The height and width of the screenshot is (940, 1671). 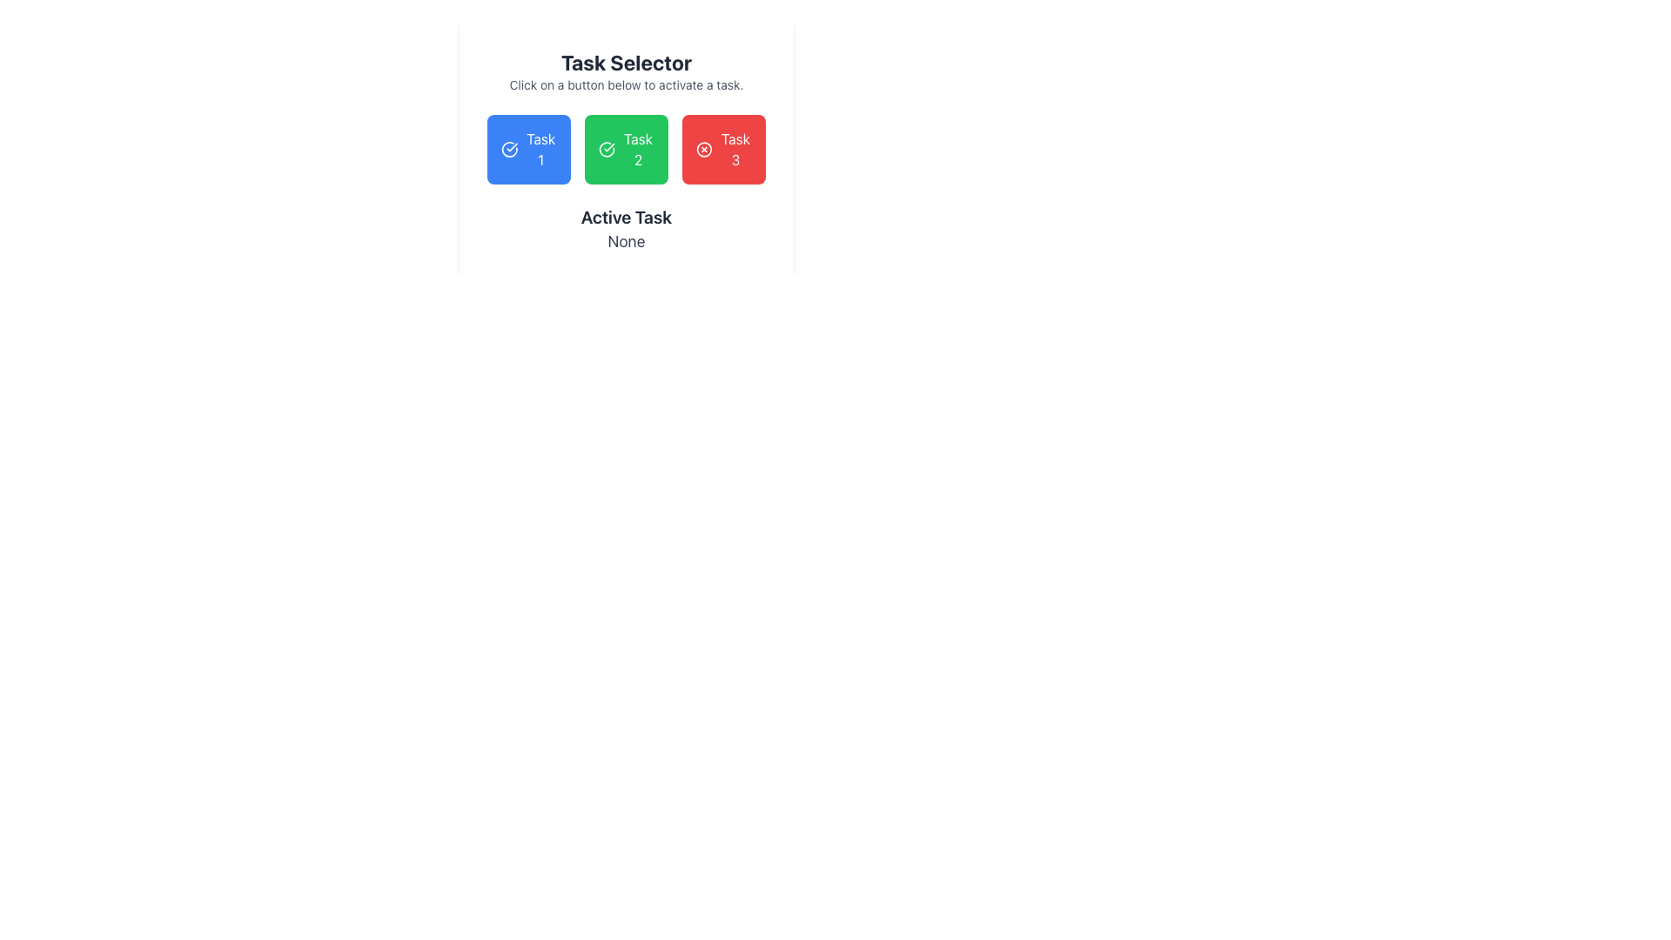 What do you see at coordinates (627, 217) in the screenshot?
I see `the informational title text indicating the currently active task, which is located in the lower section of the interface above the sibling element labeled 'None'` at bounding box center [627, 217].